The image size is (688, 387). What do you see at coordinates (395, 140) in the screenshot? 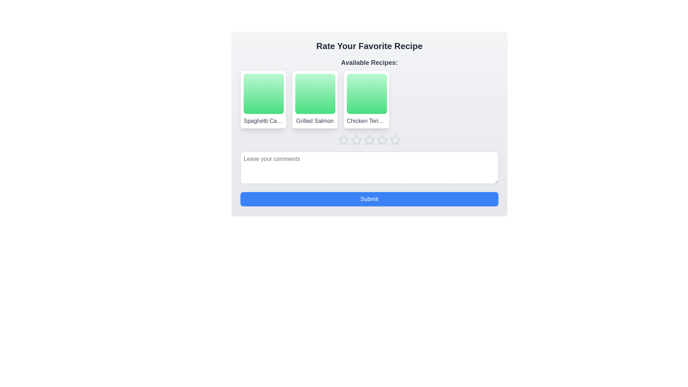
I see `the fifth star in the rating system below the 'Chicken Teriyaki' recipe card` at bounding box center [395, 140].